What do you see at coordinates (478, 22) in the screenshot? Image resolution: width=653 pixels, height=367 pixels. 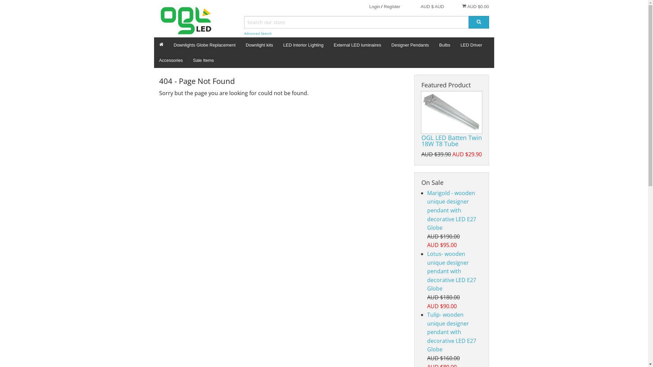 I see `'Search'` at bounding box center [478, 22].